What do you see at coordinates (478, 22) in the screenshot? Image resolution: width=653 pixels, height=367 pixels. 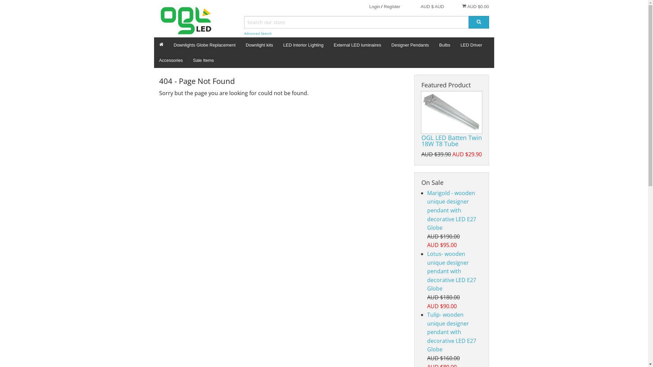 I see `'Search'` at bounding box center [478, 22].